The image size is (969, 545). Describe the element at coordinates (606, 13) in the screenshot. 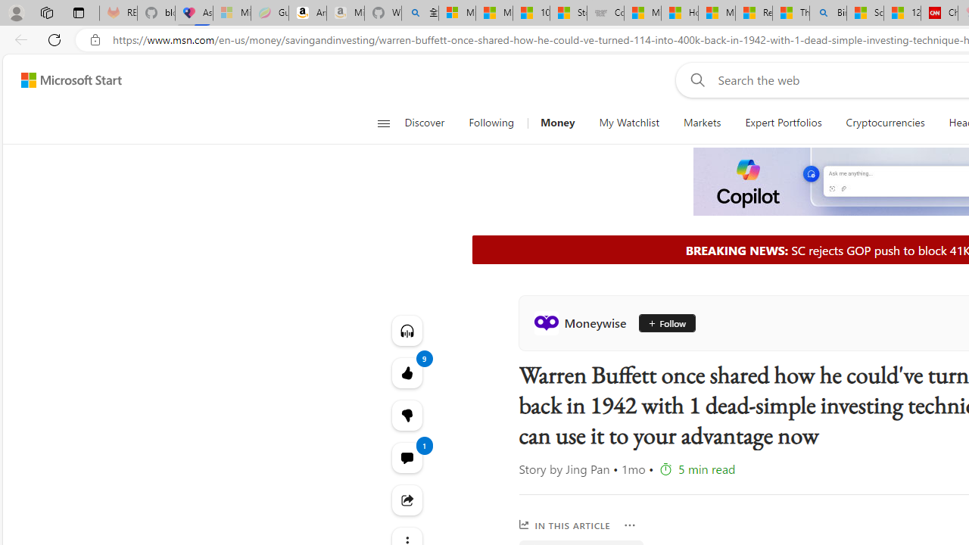

I see `'Combat Siege'` at that location.